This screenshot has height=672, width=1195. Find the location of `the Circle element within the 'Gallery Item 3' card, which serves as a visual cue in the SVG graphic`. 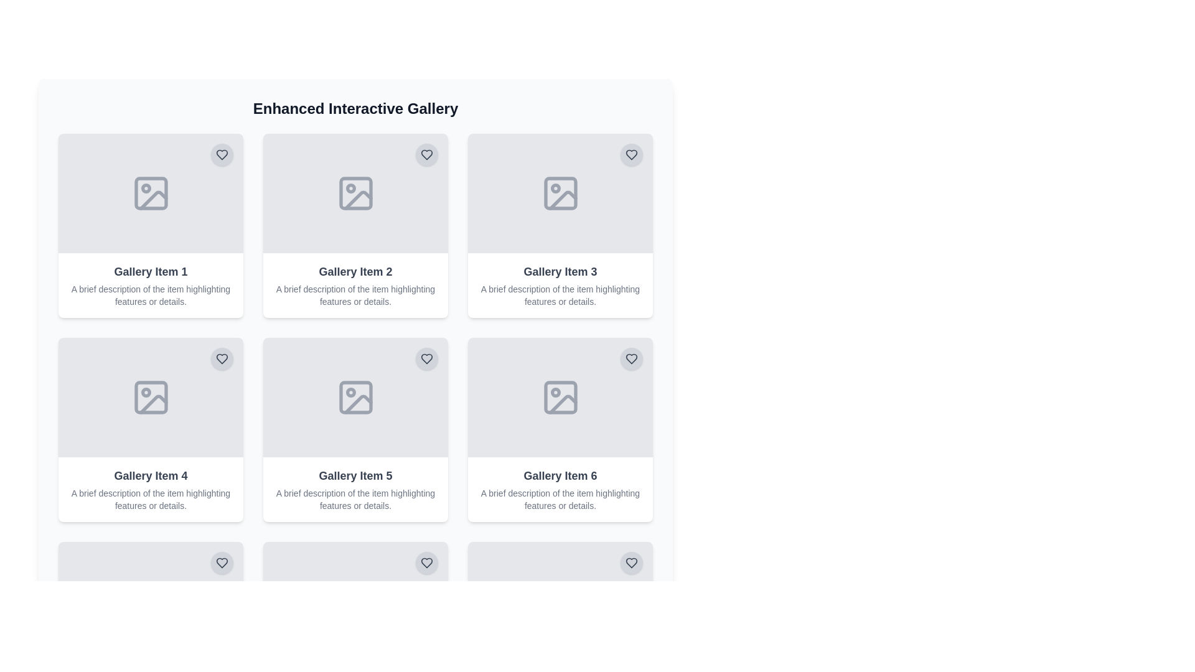

the Circle element within the 'Gallery Item 3' card, which serves as a visual cue in the SVG graphic is located at coordinates (555, 189).